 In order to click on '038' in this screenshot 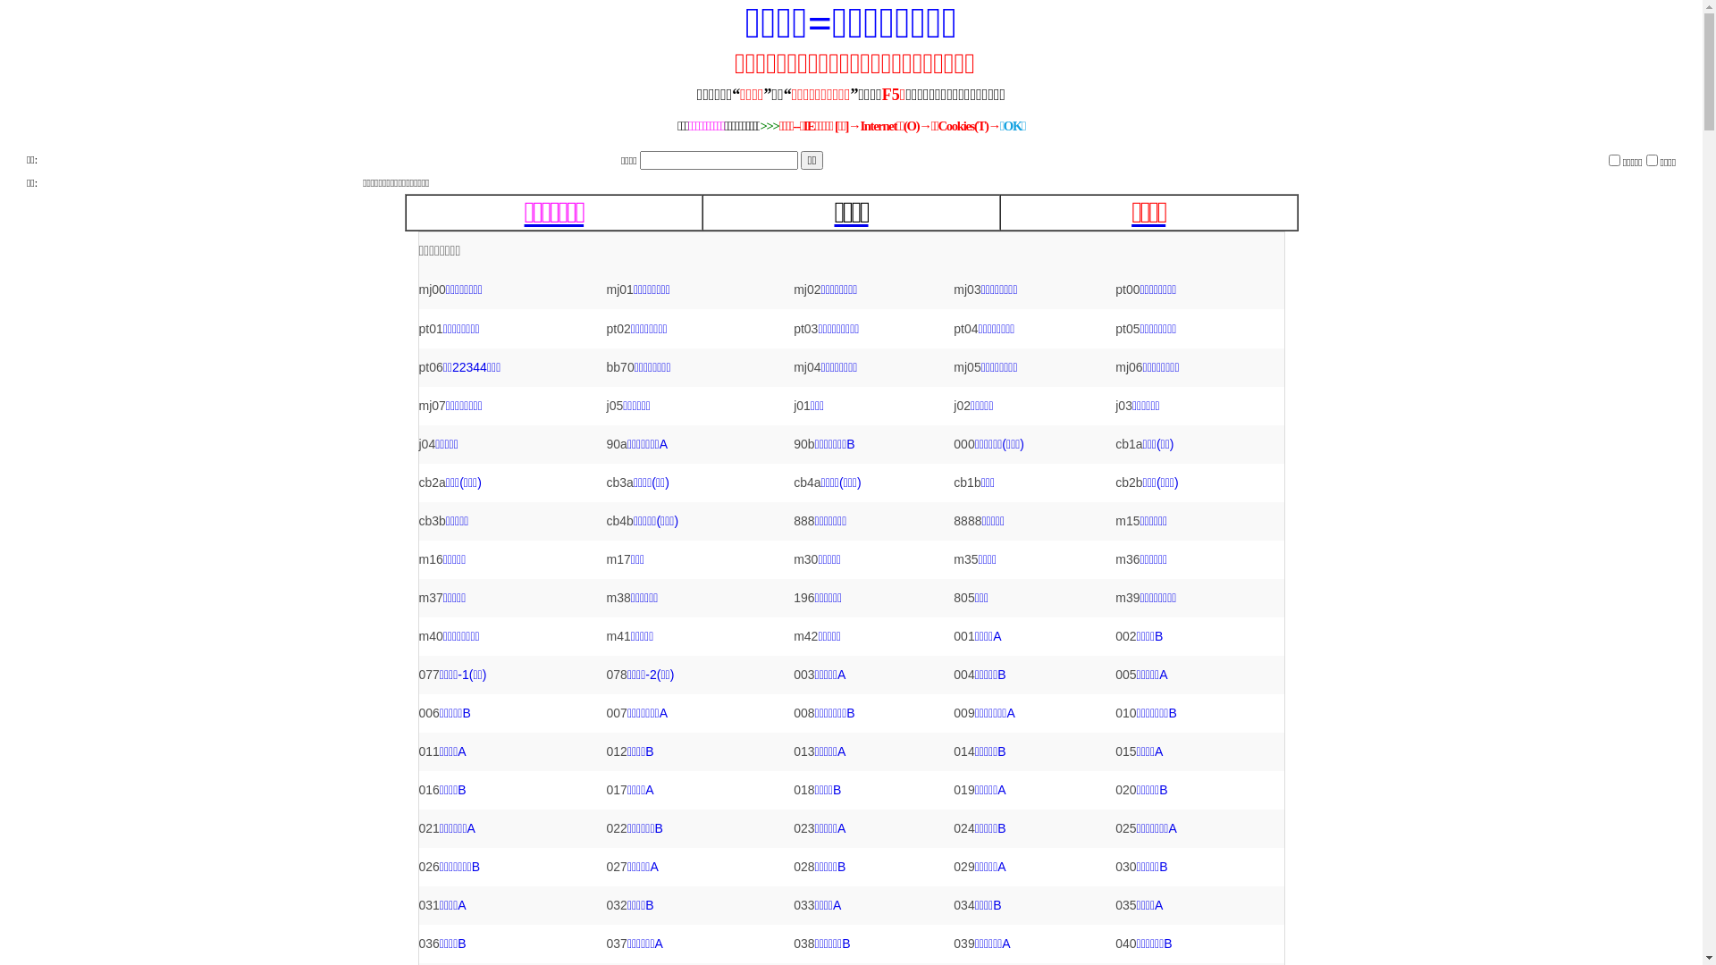, I will do `click(803, 943)`.